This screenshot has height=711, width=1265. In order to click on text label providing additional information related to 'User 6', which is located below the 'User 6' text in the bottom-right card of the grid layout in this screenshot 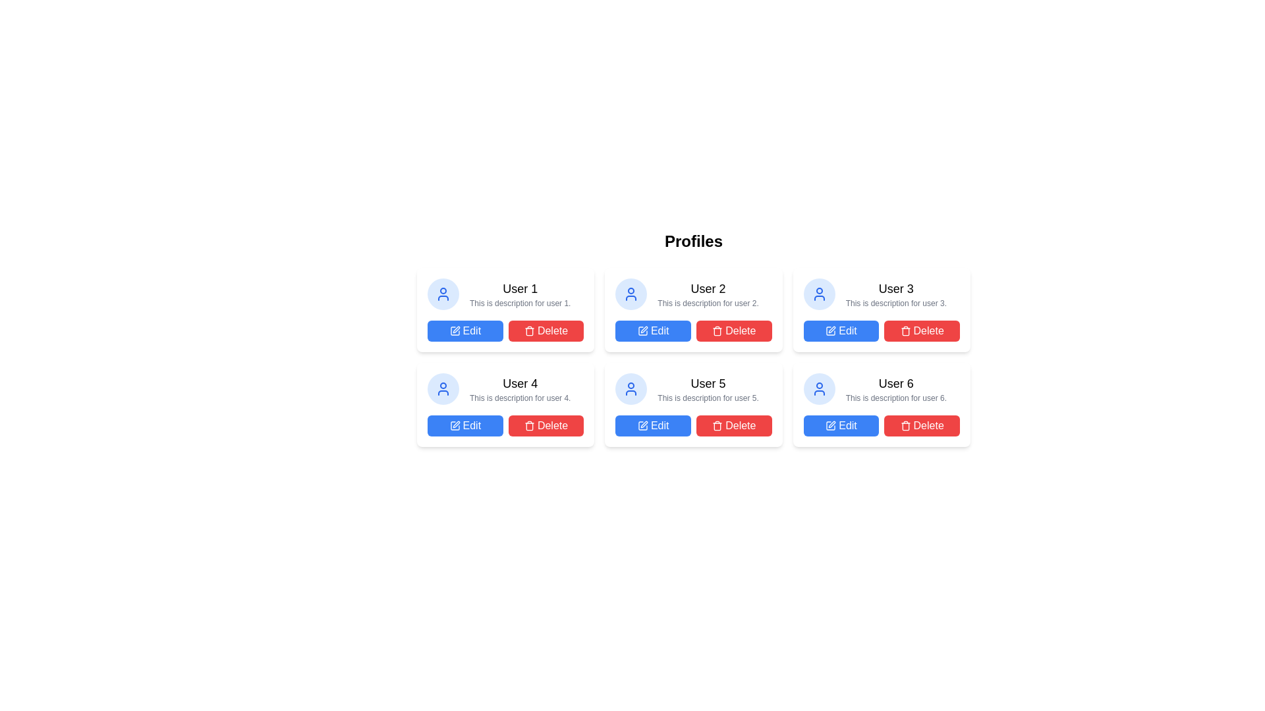, I will do `click(896, 398)`.